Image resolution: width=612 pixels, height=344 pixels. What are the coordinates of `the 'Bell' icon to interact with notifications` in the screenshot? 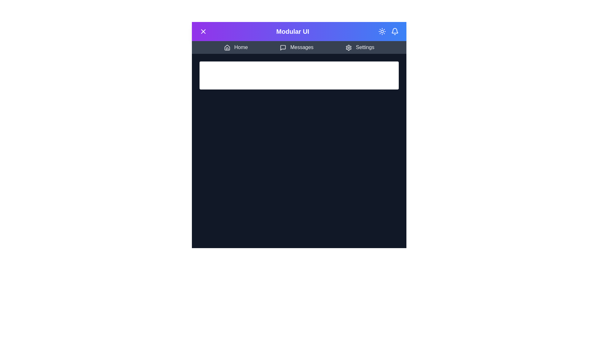 It's located at (394, 32).